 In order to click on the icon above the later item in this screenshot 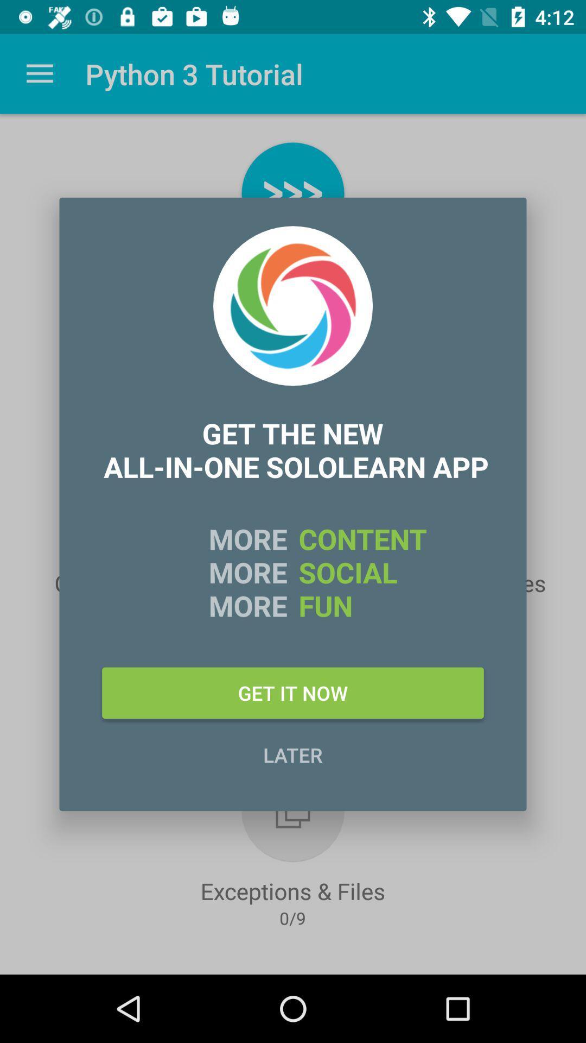, I will do `click(293, 692)`.